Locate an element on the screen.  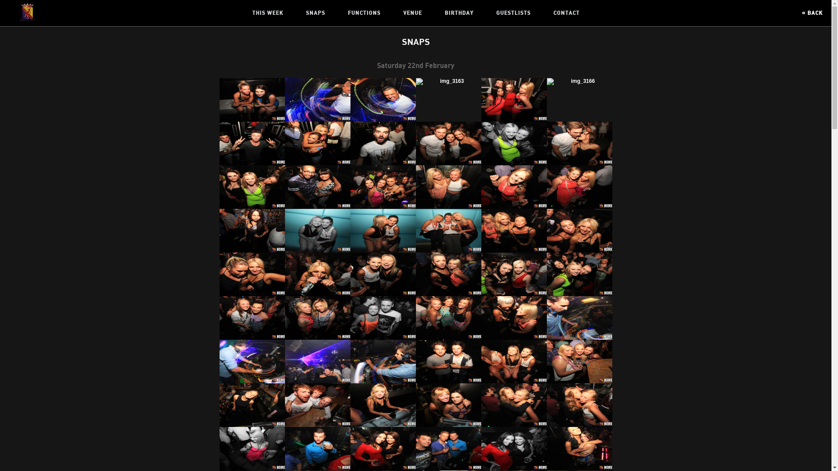
' ' is located at coordinates (513, 99).